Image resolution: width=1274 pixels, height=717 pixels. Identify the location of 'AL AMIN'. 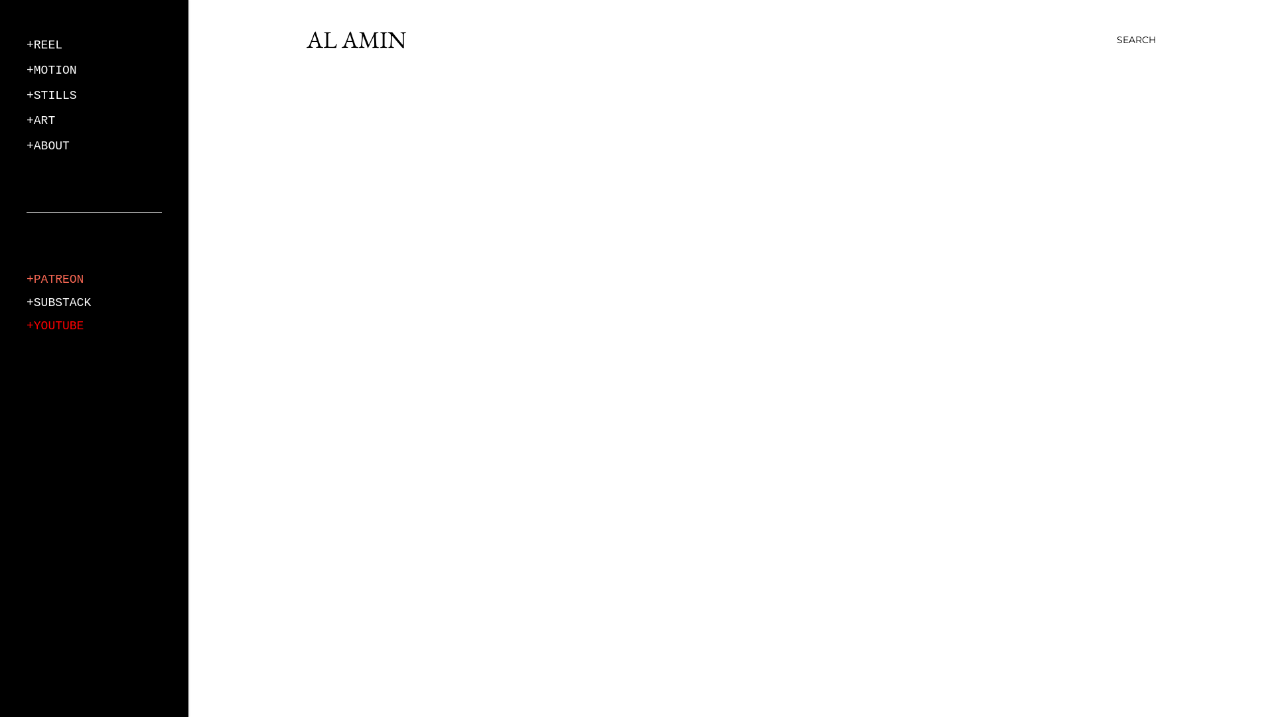
(356, 39).